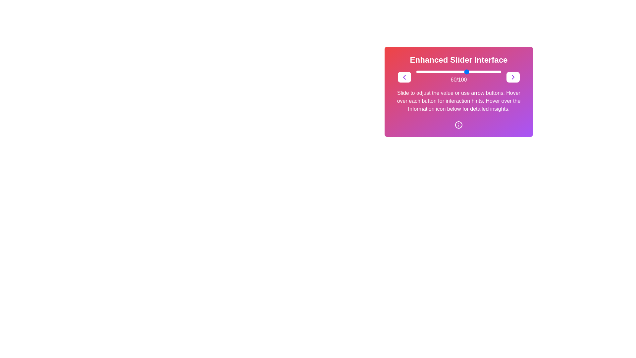 The image size is (636, 358). What do you see at coordinates (418, 72) in the screenshot?
I see `the slider` at bounding box center [418, 72].